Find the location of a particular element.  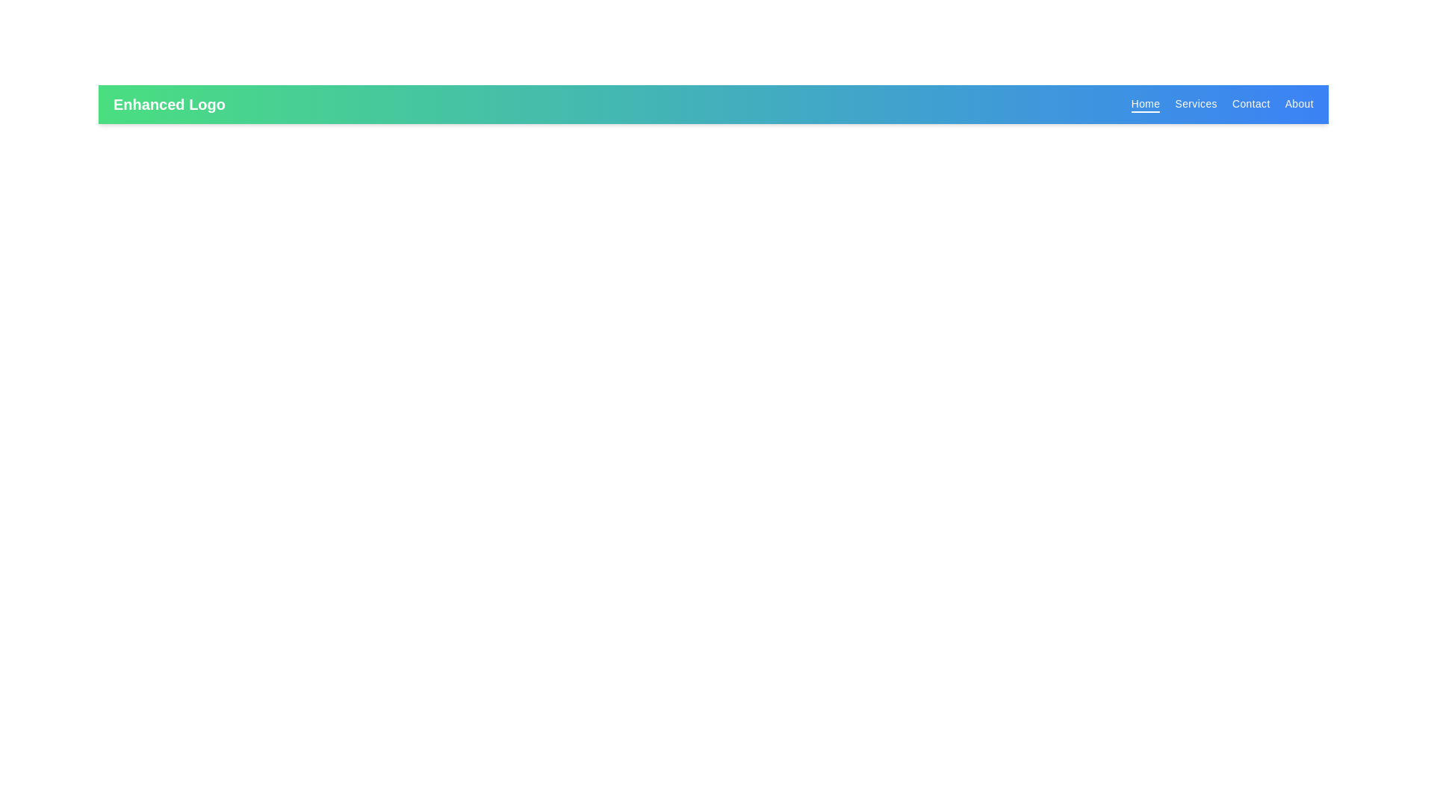

the 'Services' hyperlink in the navigation bar is located at coordinates (1196, 103).